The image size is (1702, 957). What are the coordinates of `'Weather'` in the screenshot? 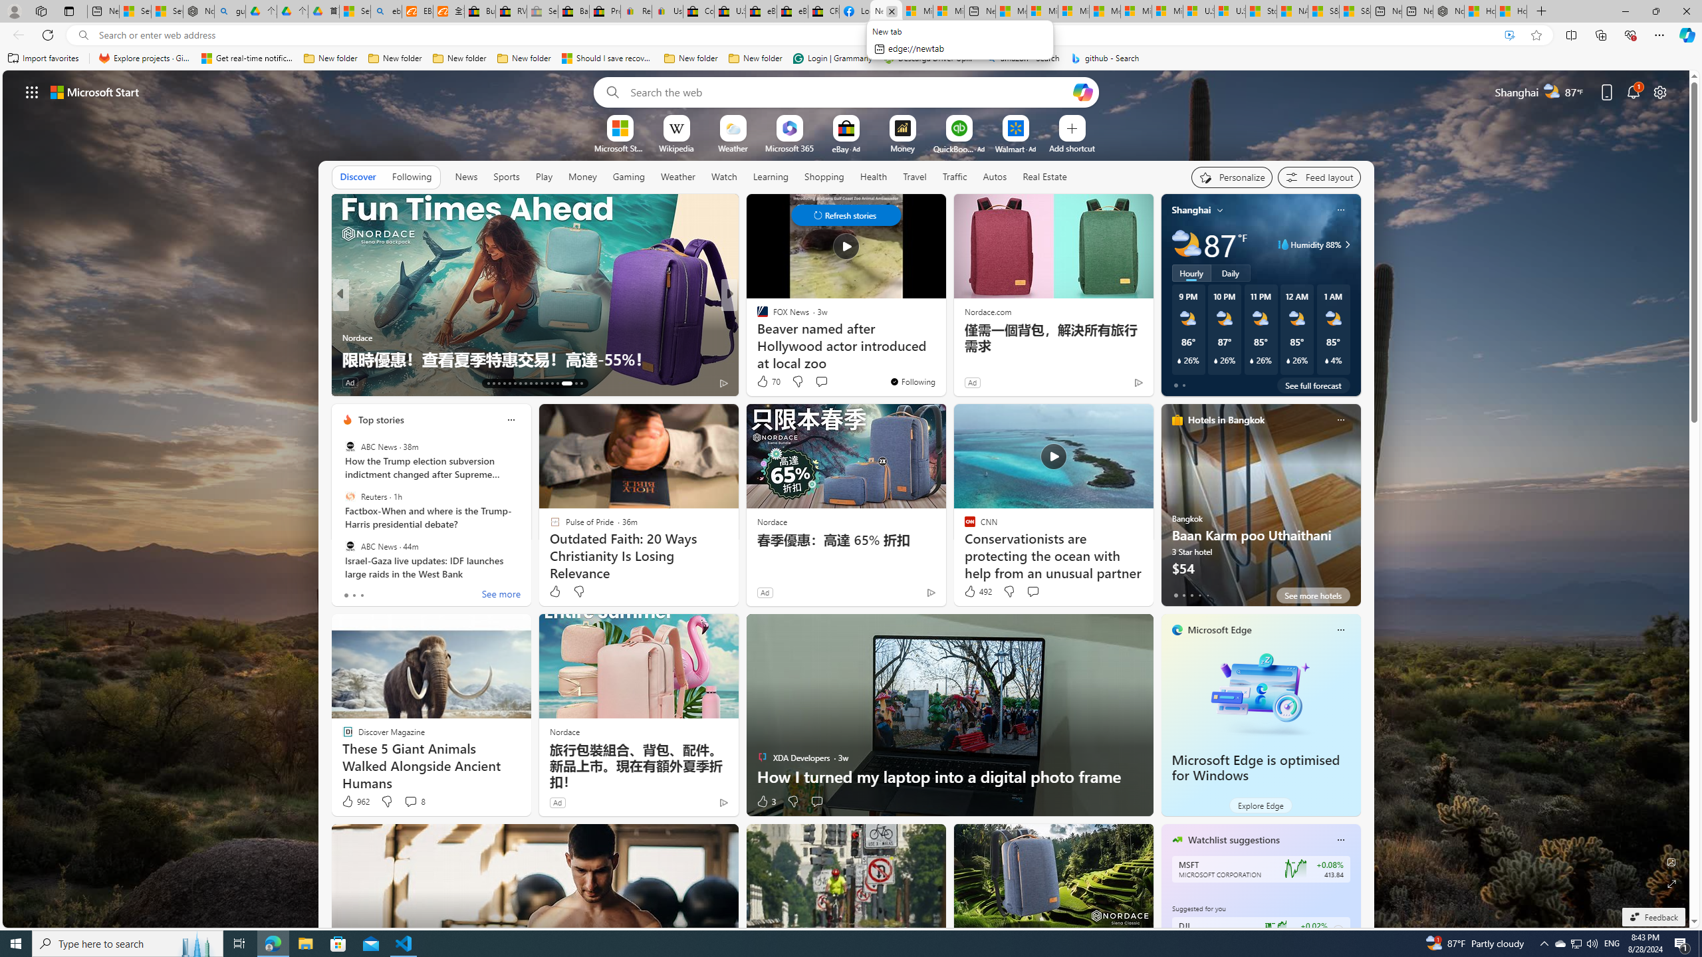 It's located at (677, 176).